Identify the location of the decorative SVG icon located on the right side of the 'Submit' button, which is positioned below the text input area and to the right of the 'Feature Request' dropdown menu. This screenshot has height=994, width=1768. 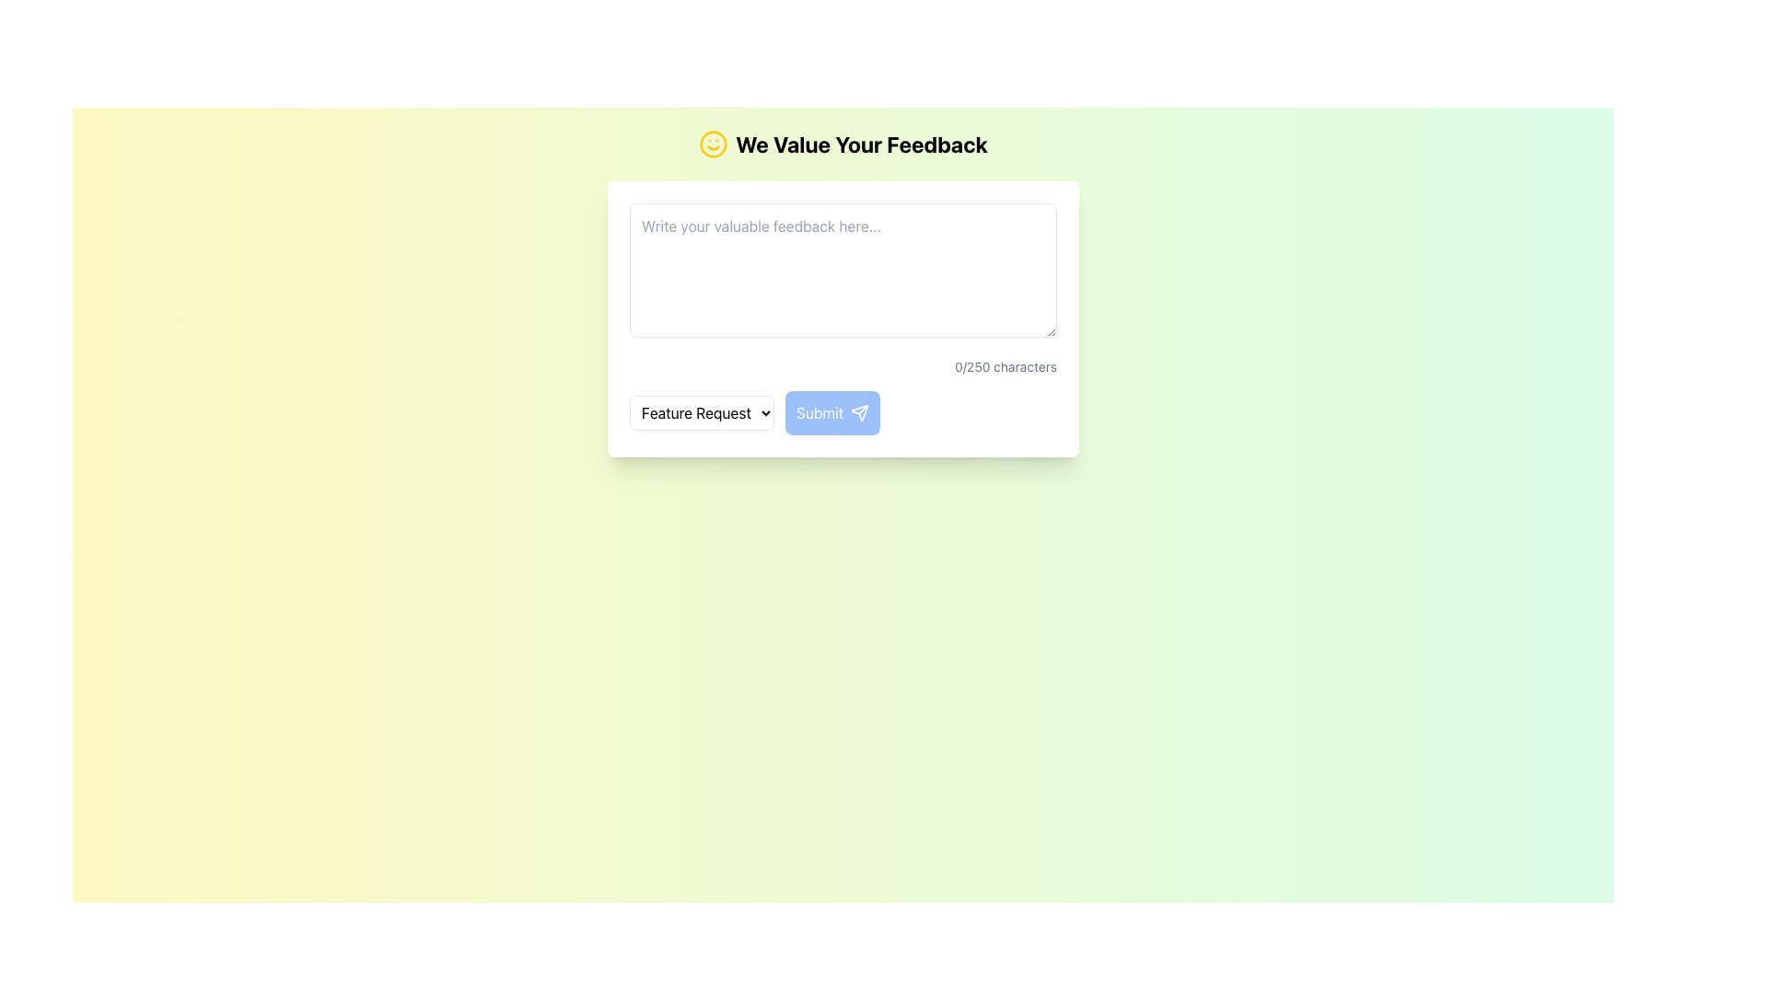
(859, 411).